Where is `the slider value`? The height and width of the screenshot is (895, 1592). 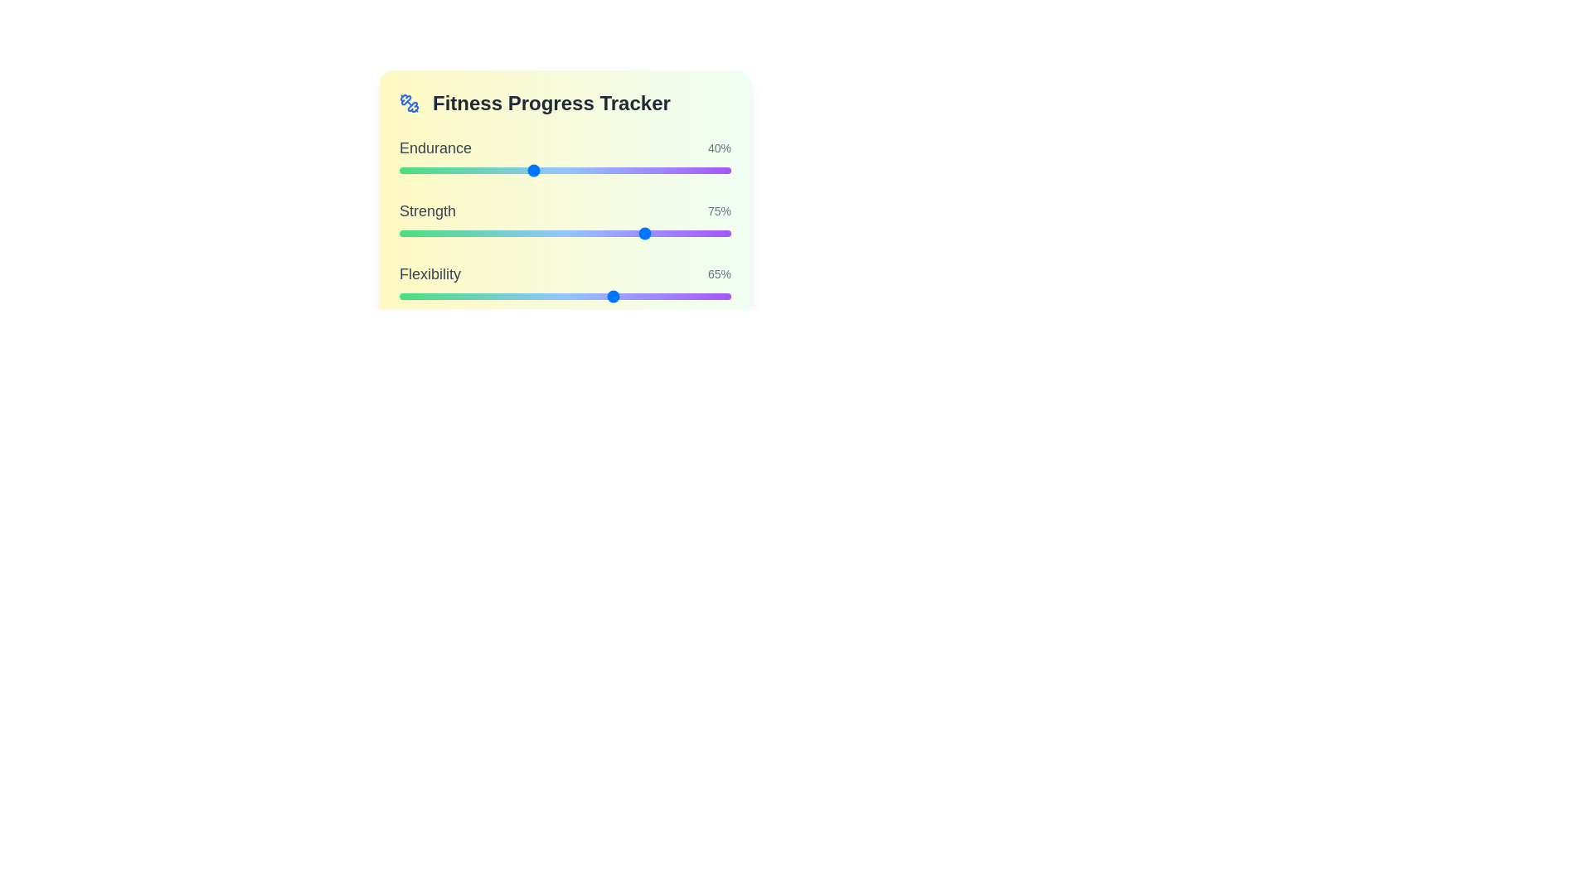 the slider value is located at coordinates (422, 233).